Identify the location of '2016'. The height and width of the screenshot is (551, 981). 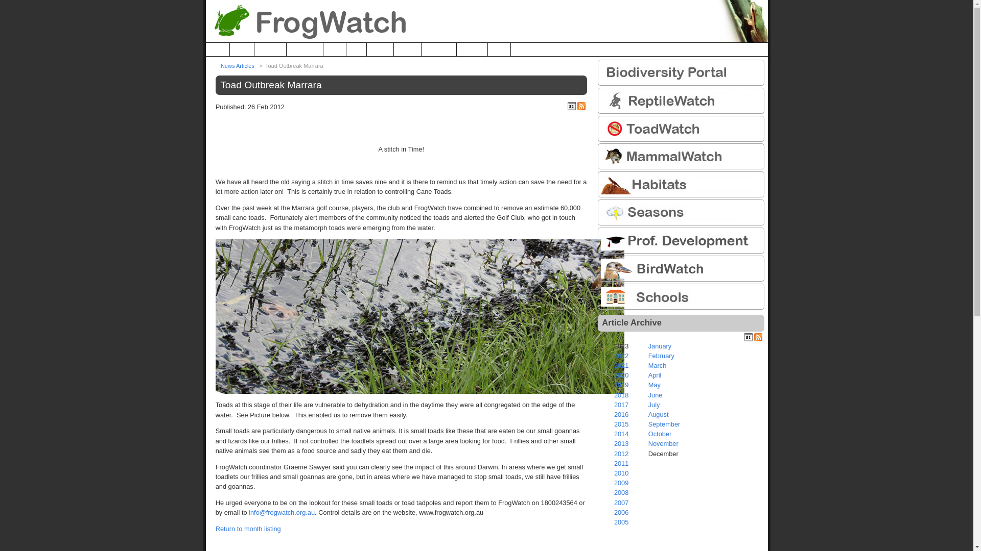
(613, 414).